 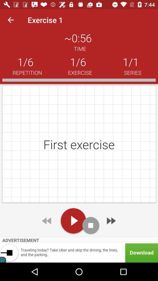 What do you see at coordinates (47, 220) in the screenshot?
I see `undo` at bounding box center [47, 220].